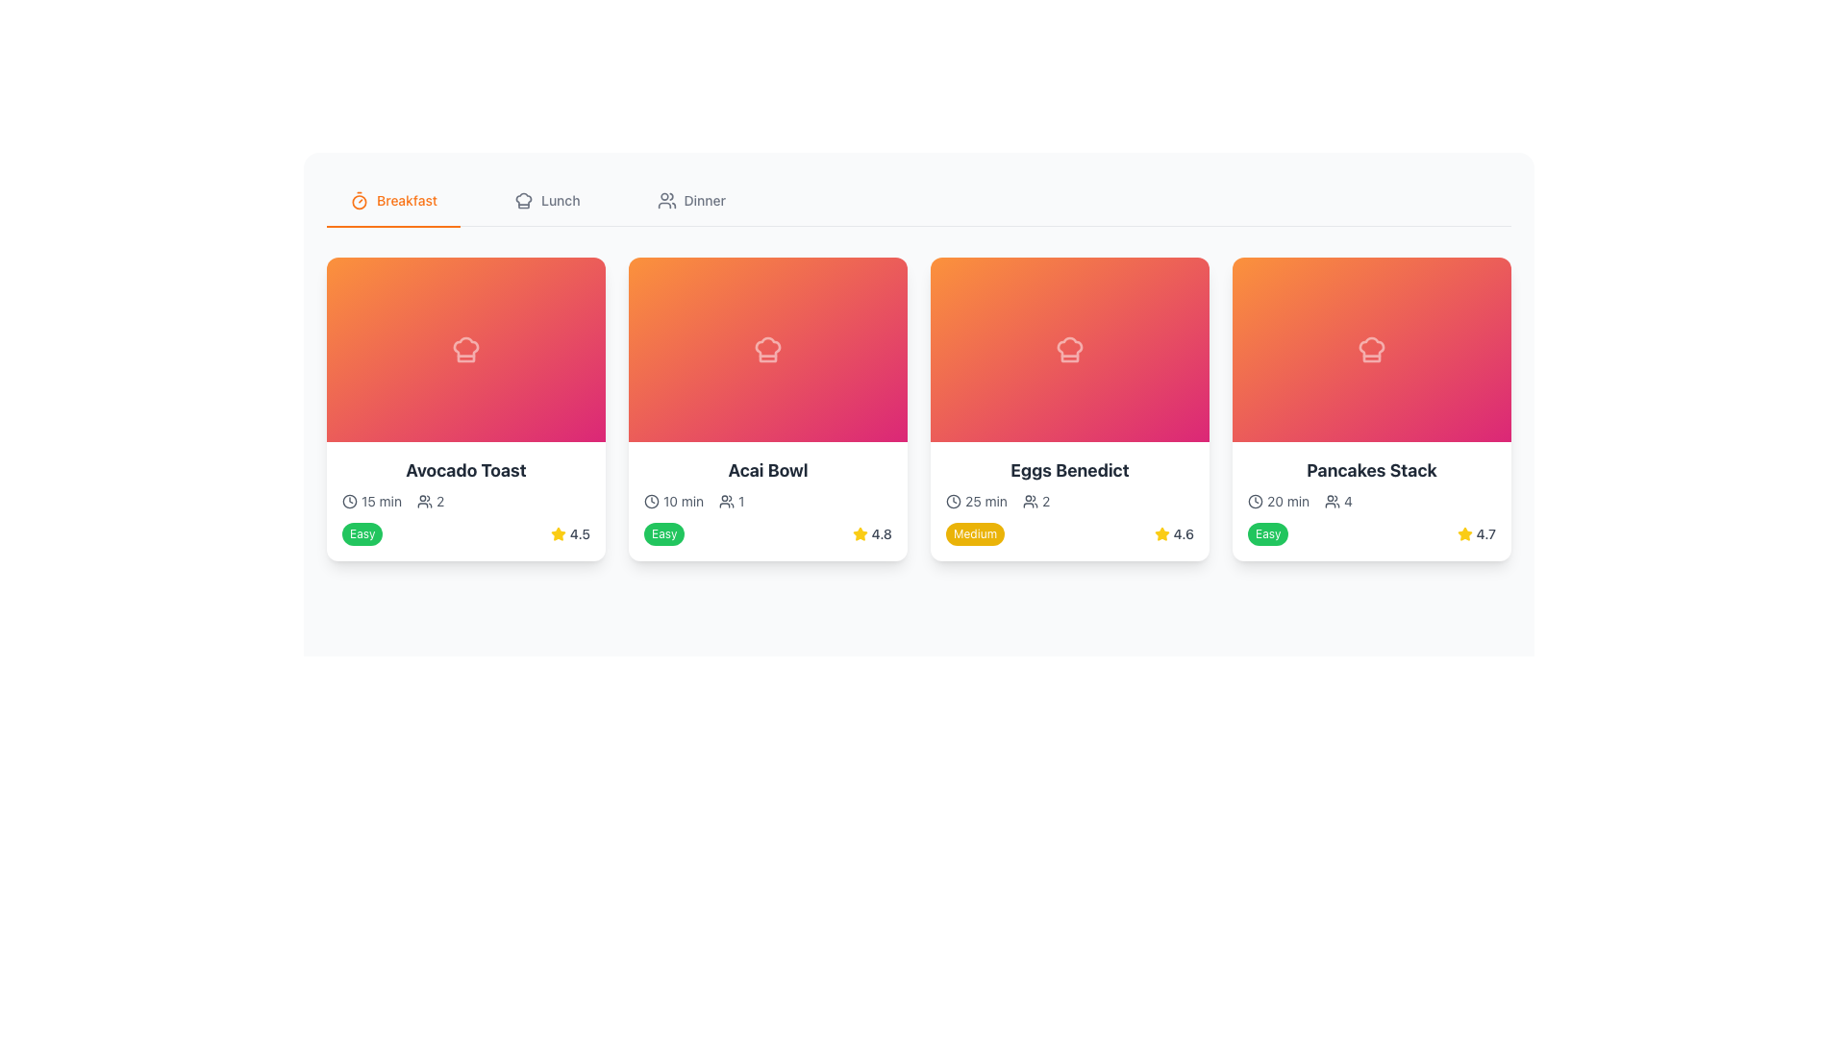  What do you see at coordinates (1463, 533) in the screenshot?
I see `the rating icon located at the bottom right corner of the last card in the grid layout, which visually represents a rating of 4.7` at bounding box center [1463, 533].